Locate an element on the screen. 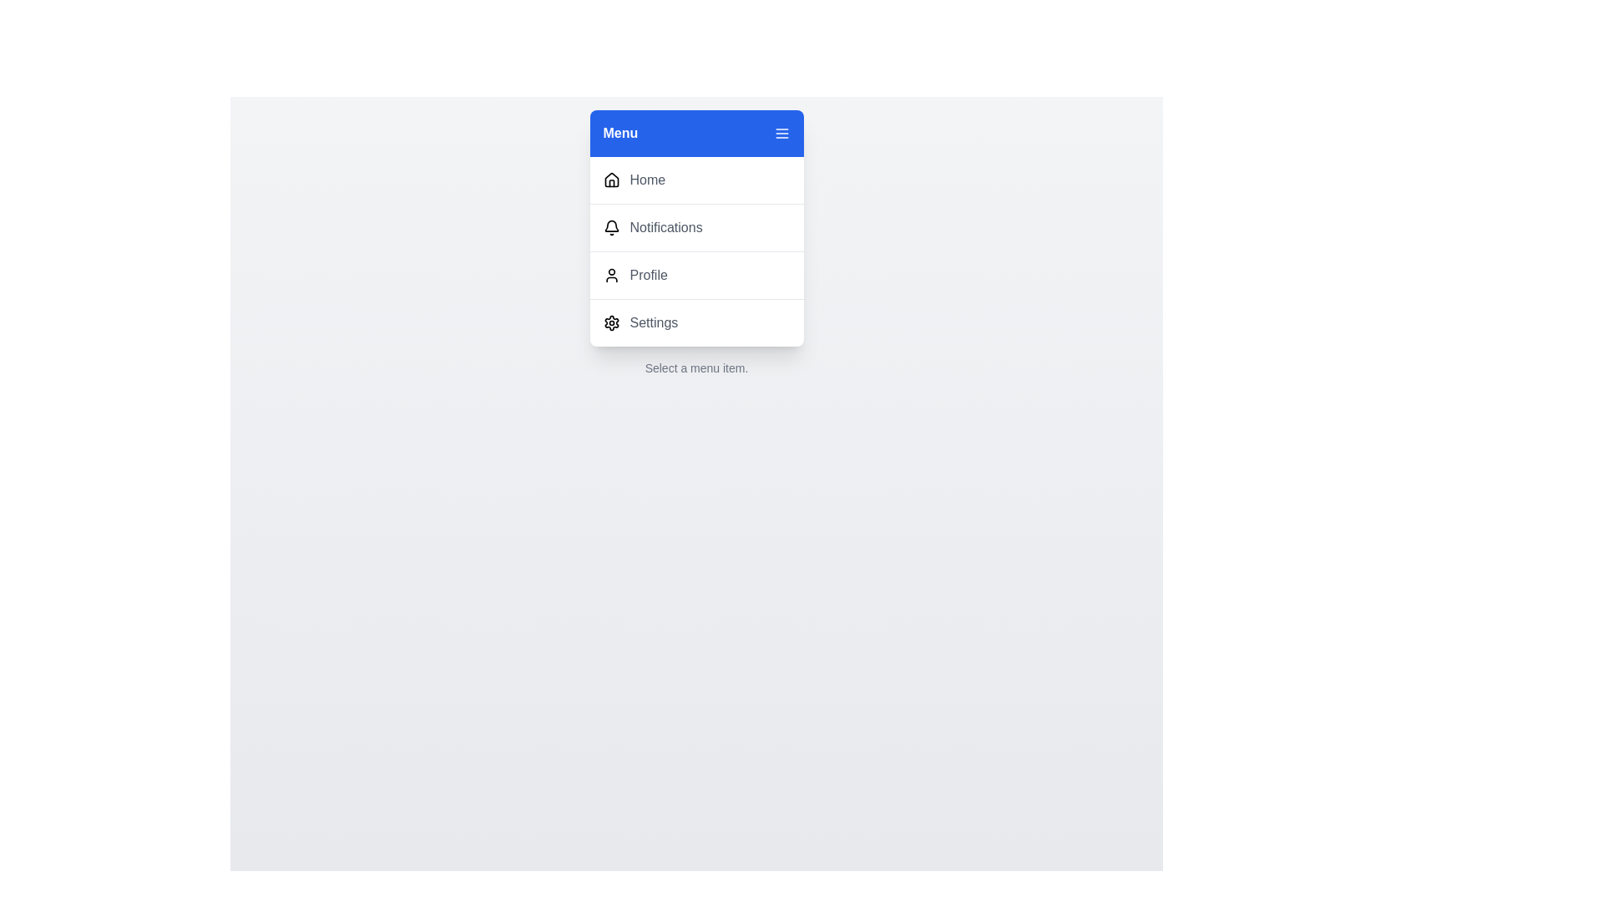  the menu item labeled Settings to observe its hover effect is located at coordinates (696, 322).